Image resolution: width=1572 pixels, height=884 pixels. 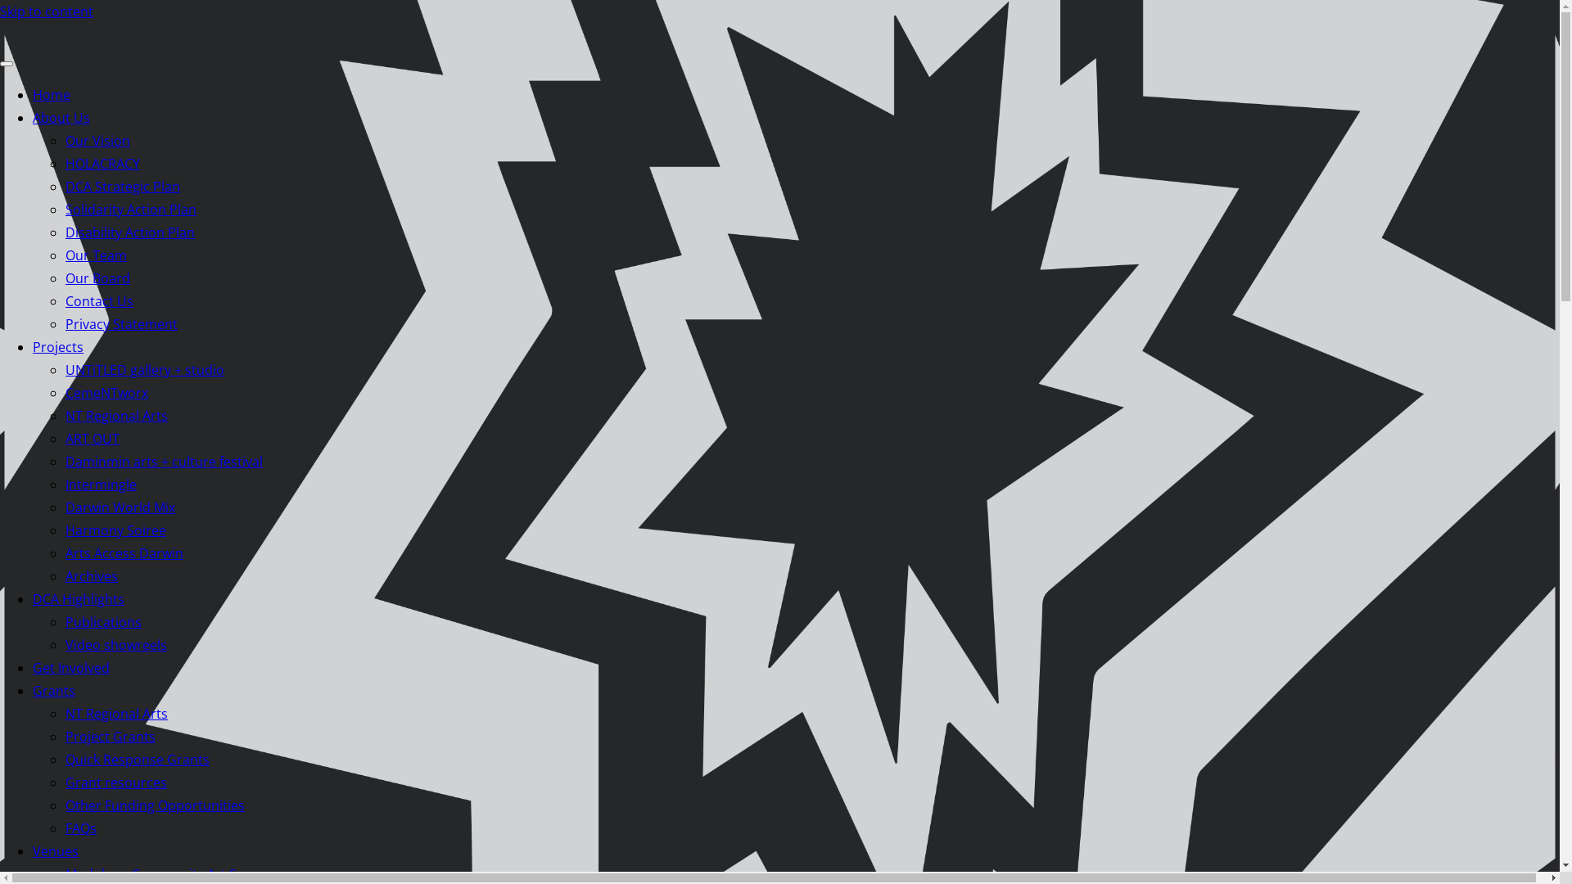 I want to click on 'Grants', so click(x=54, y=691).